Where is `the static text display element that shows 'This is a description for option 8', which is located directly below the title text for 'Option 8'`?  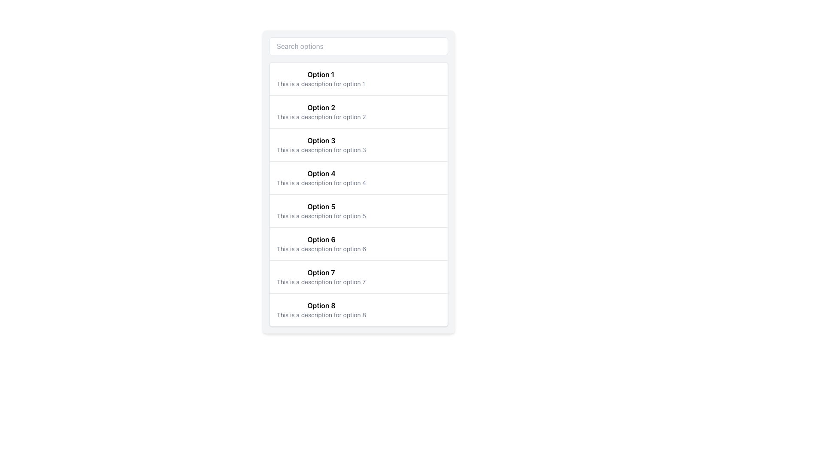
the static text display element that shows 'This is a description for option 8', which is located directly below the title text for 'Option 8' is located at coordinates (321, 315).